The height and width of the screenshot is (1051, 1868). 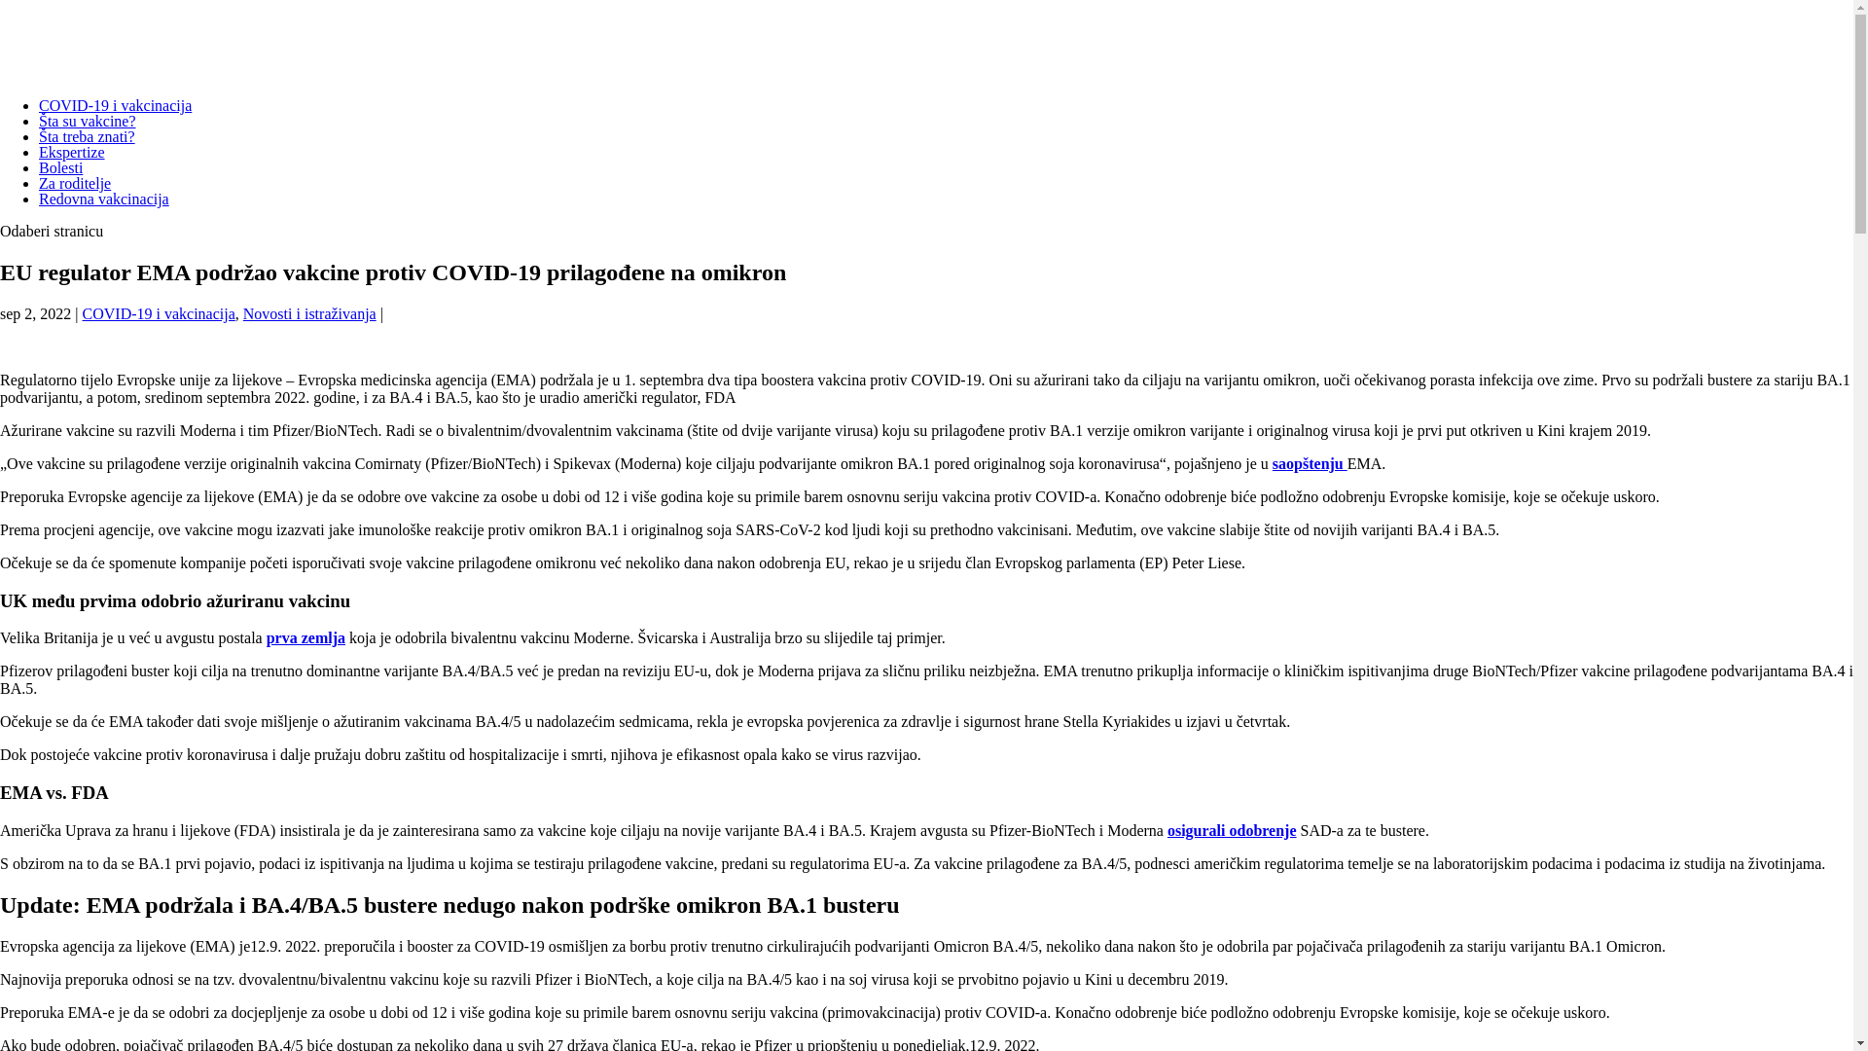 What do you see at coordinates (74, 183) in the screenshot?
I see `'Za roditelje'` at bounding box center [74, 183].